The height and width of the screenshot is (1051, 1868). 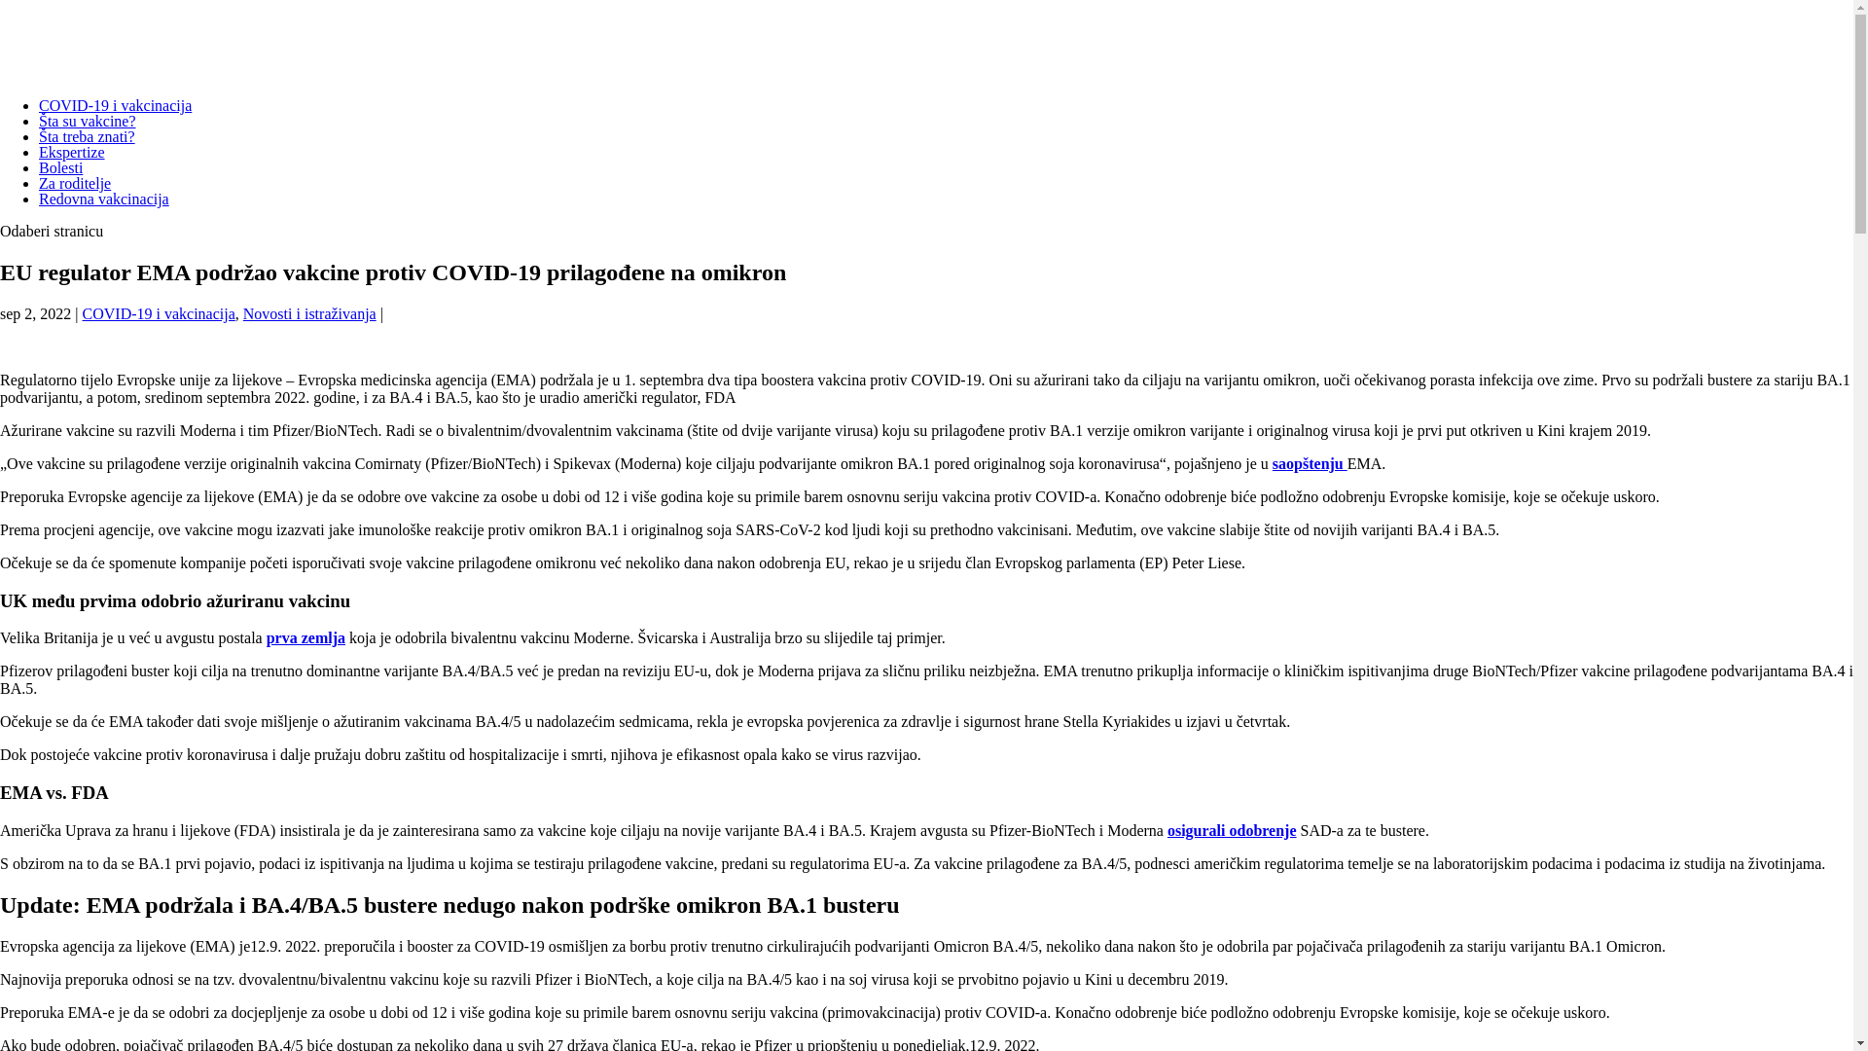 What do you see at coordinates (74, 183) in the screenshot?
I see `'Za roditelje'` at bounding box center [74, 183].